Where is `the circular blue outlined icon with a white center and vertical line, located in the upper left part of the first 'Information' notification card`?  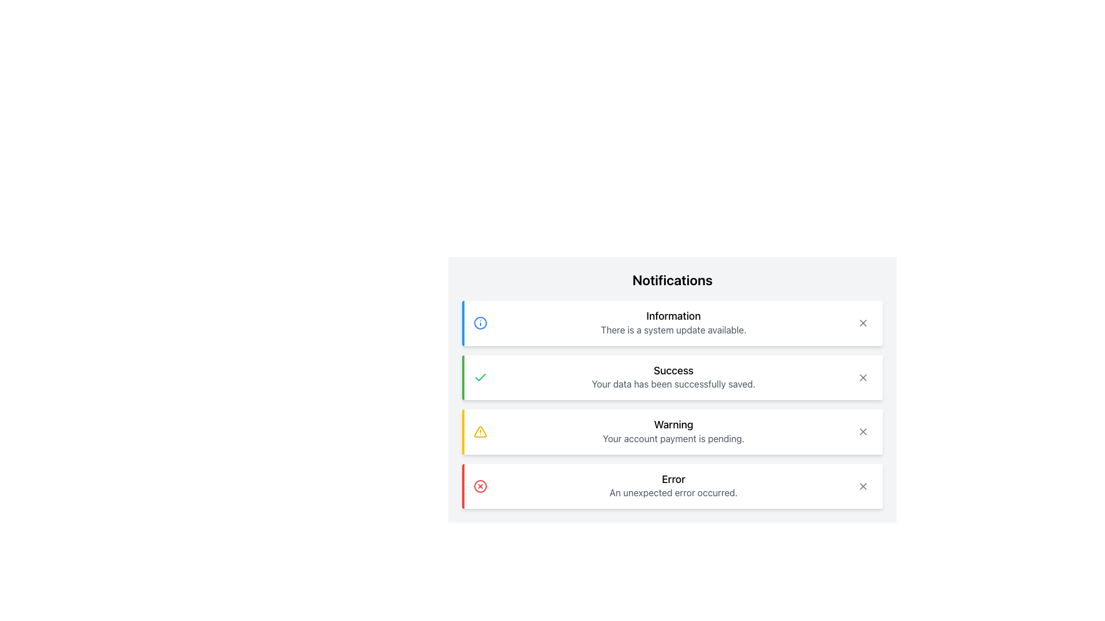 the circular blue outlined icon with a white center and vertical line, located in the upper left part of the first 'Information' notification card is located at coordinates (481, 323).